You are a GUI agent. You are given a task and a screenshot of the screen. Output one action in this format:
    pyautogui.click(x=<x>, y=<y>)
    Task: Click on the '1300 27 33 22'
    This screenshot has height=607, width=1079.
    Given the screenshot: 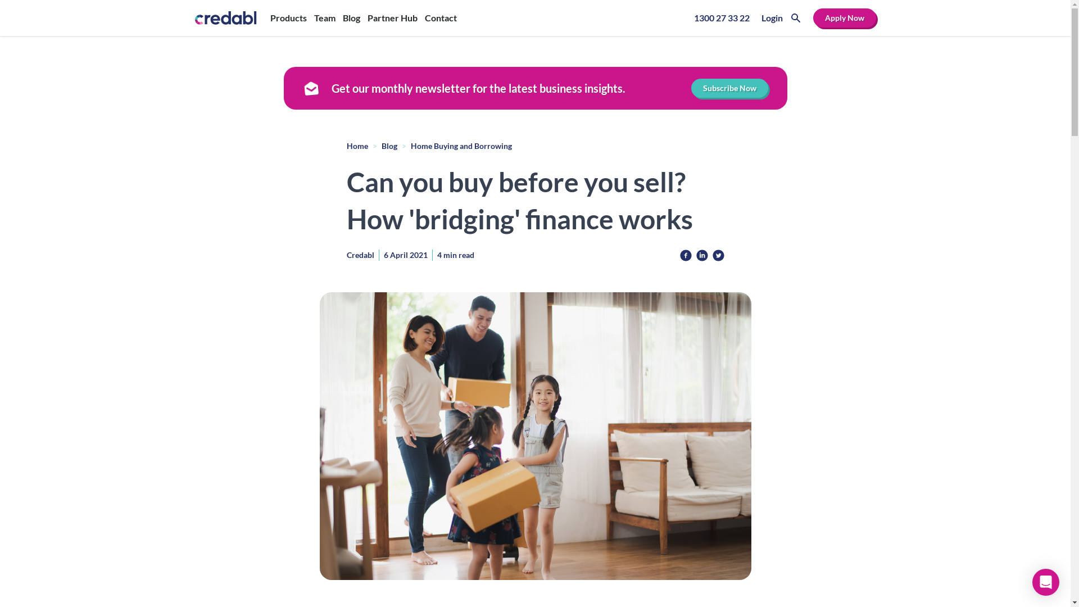 What is the action you would take?
    pyautogui.click(x=721, y=17)
    